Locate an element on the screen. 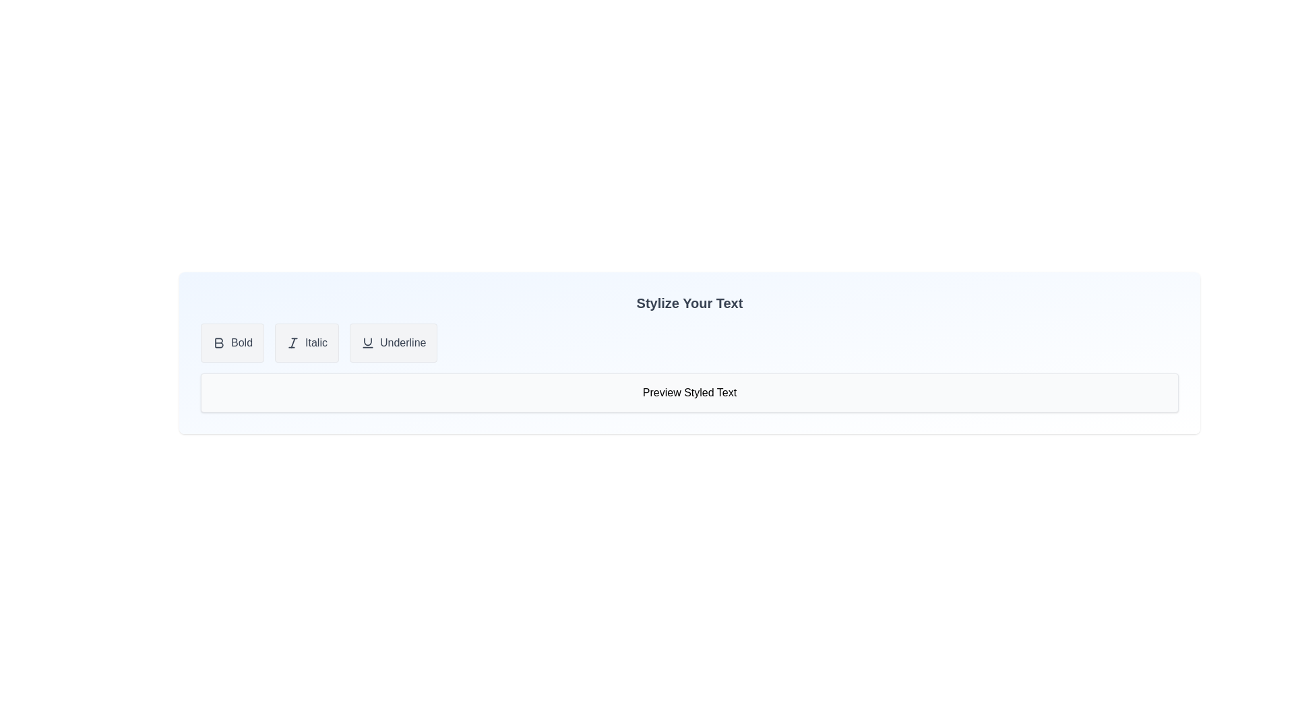  the 'Bold' button to toggle the bold style for the text is located at coordinates (233, 342).